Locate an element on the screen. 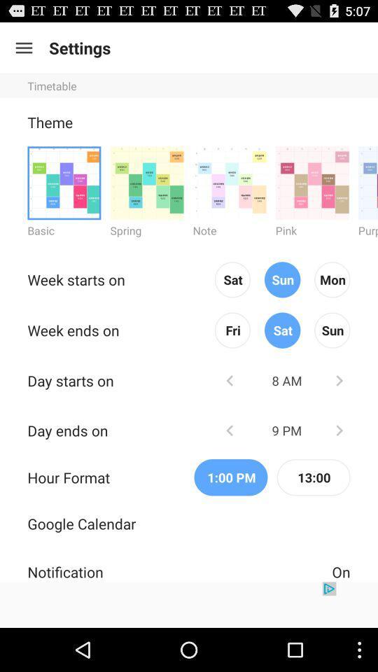  showing the advertisement is located at coordinates (189, 604).